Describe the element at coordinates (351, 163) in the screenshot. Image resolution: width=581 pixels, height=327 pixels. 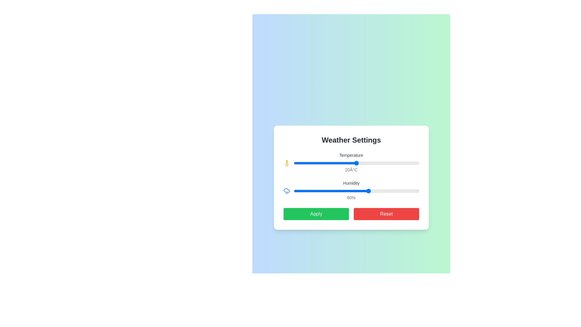
I see `the range slider control for temperature settings, represented by a thermometer slider with a blue to red gradient, to move the knob to a specific position` at that location.